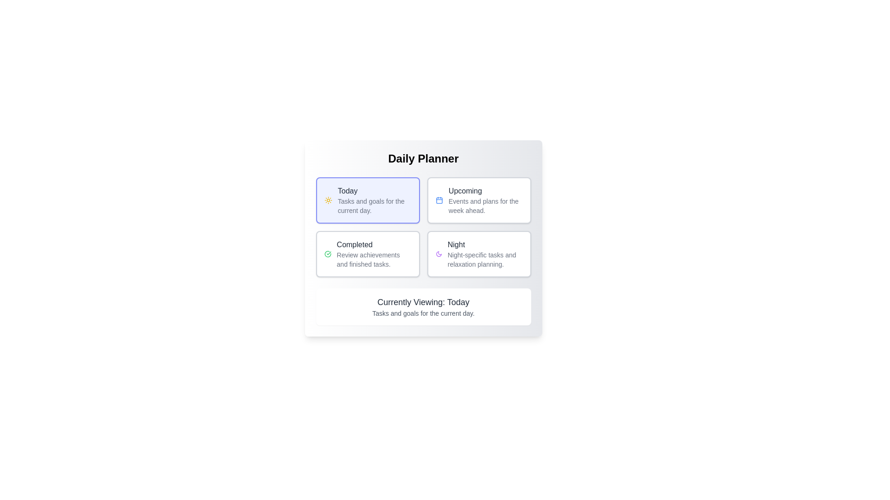 This screenshot has width=890, height=500. Describe the element at coordinates (423, 313) in the screenshot. I see `explanatory text label located at the bottom of the 'Currently Viewing: Today' card in the 'Daily Planner' interface, positioned directly beneath the title text` at that location.